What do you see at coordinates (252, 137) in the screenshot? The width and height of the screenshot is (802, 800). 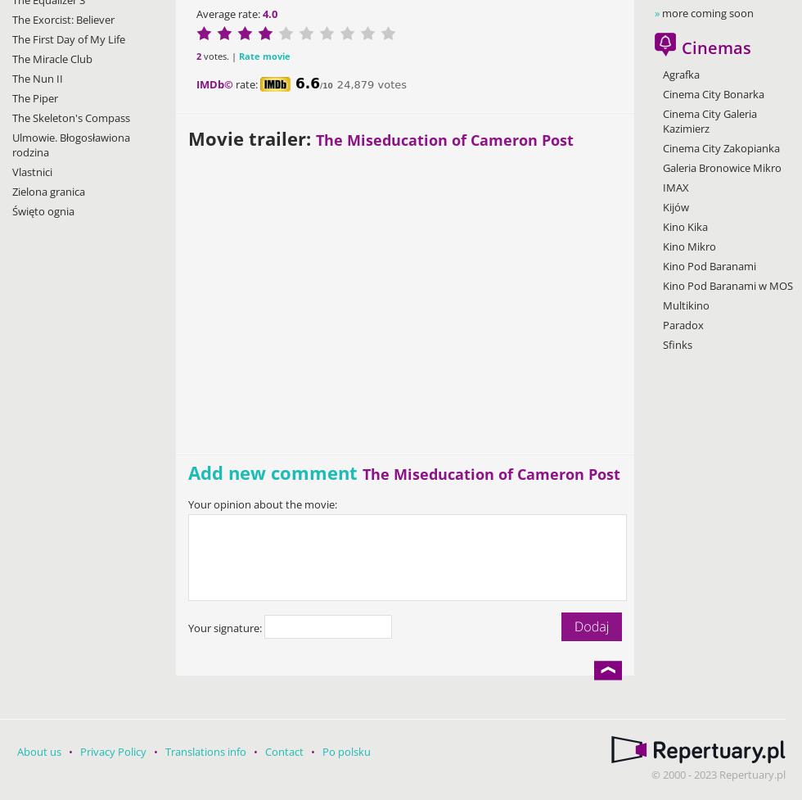 I see `'Movie trailer:'` at bounding box center [252, 137].